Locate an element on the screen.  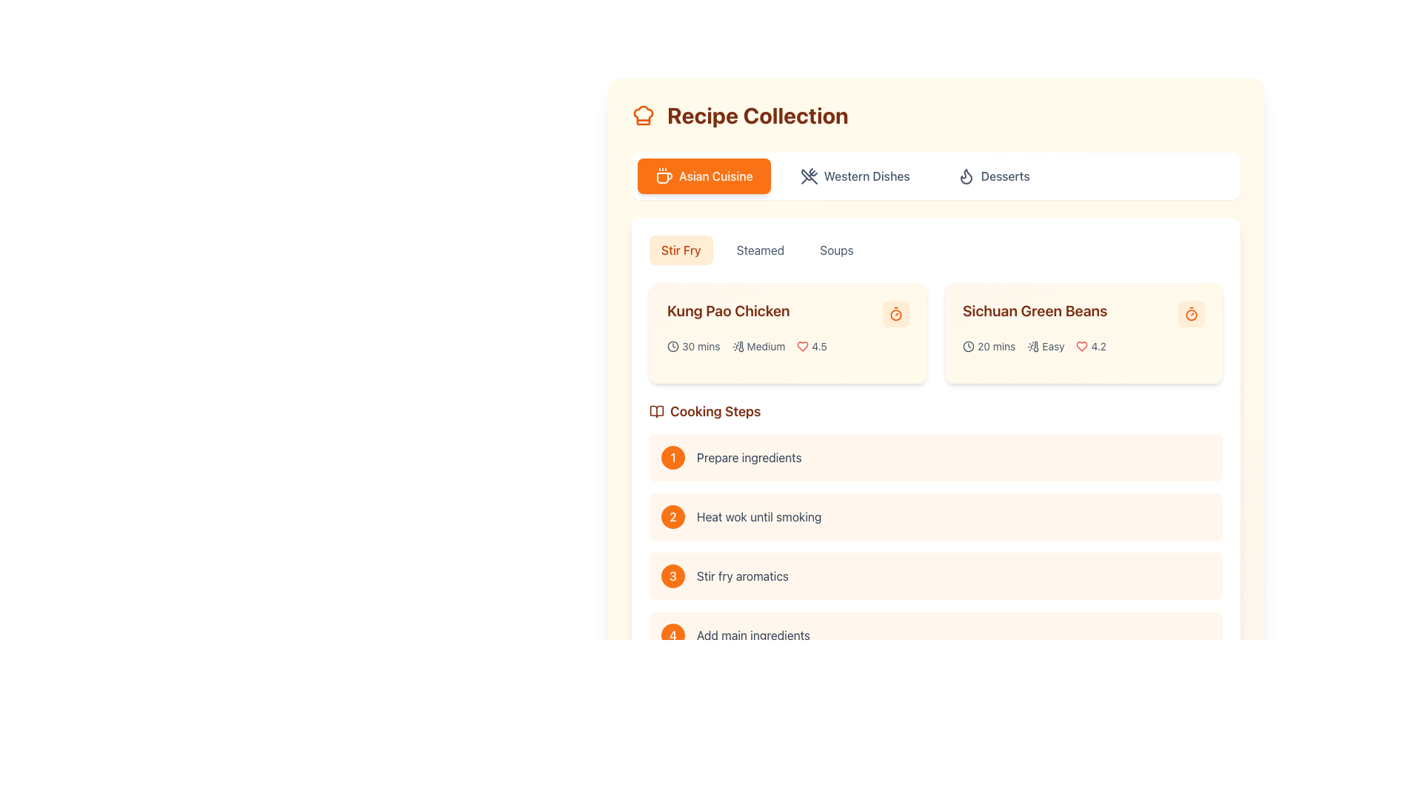
the data displayed in the informational row containing '20 mins', 'Easy', and '4.2' located under the title of the 'Sichuan Green Beans' recipe is located at coordinates (1084, 346).